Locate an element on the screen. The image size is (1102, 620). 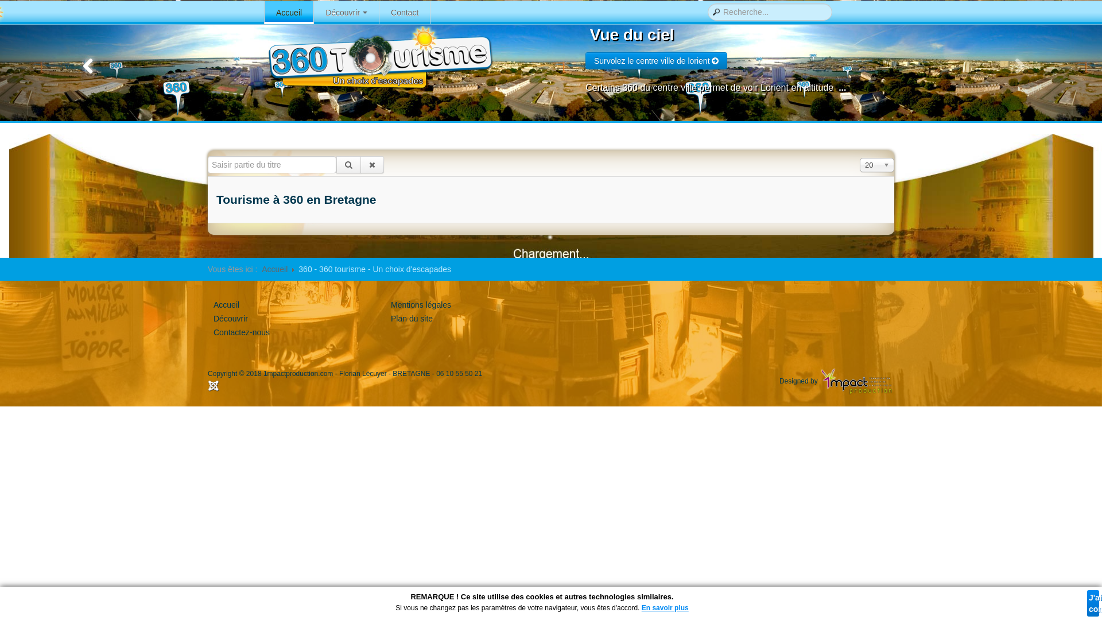
'06 10 55 50 21' is located at coordinates (435, 374).